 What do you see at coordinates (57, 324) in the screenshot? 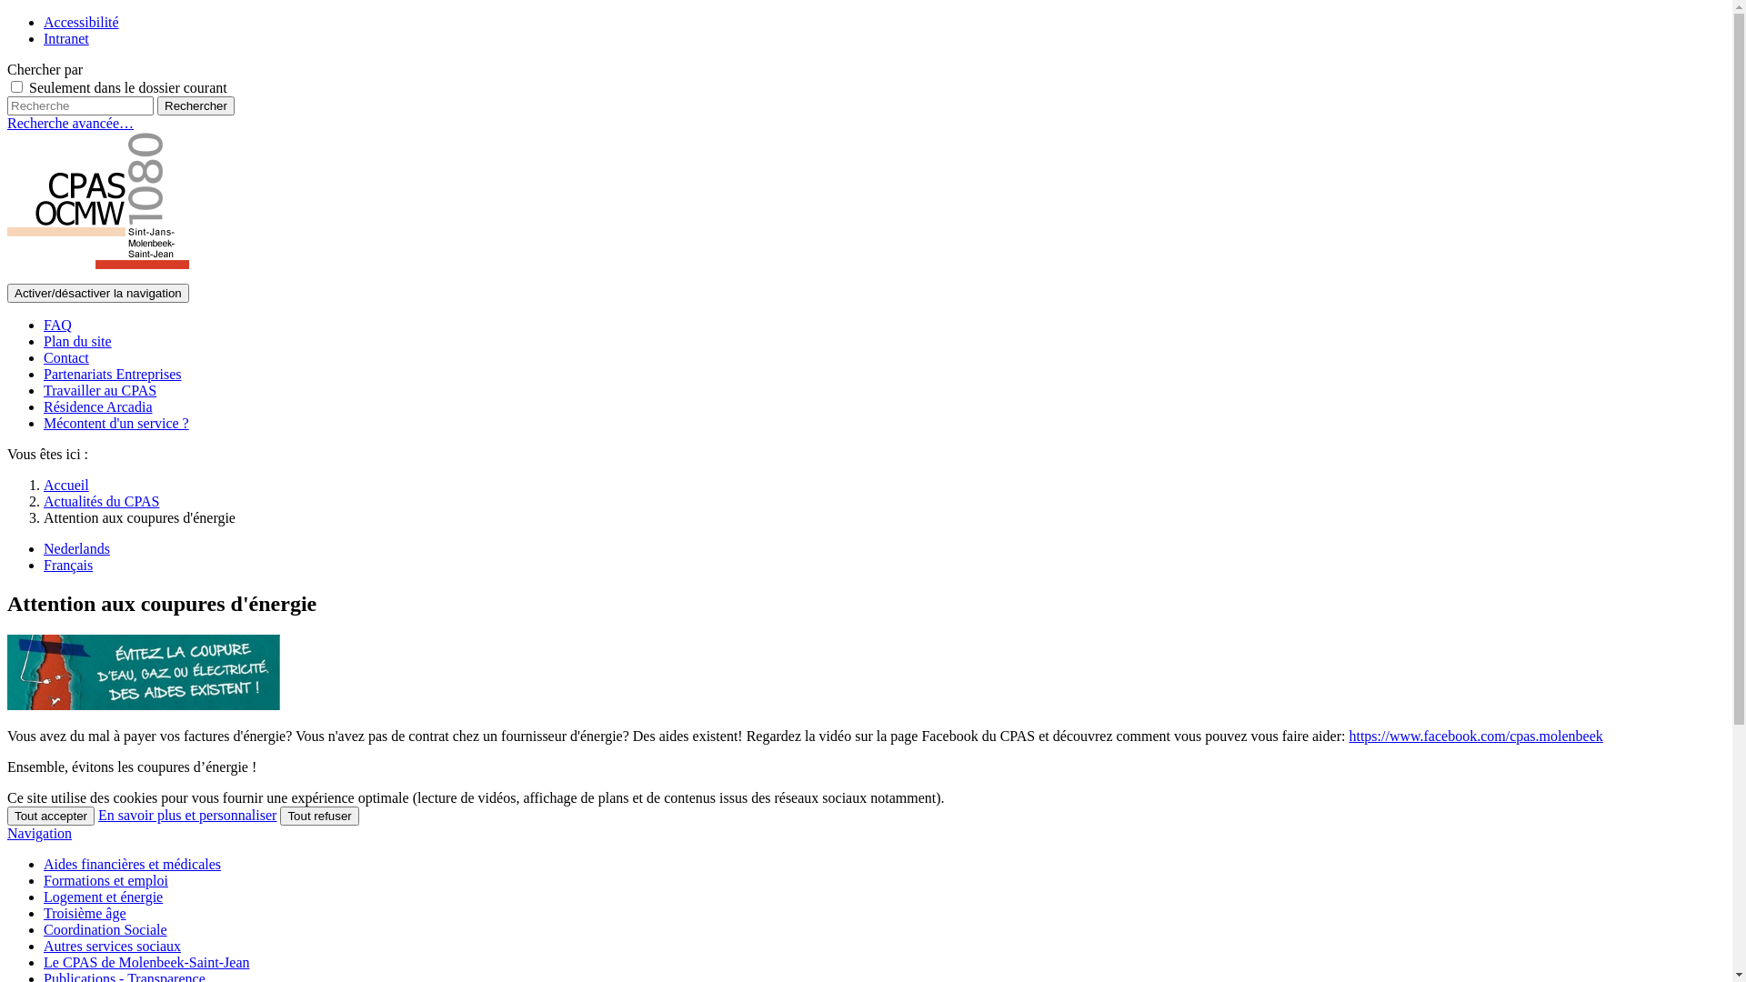
I see `'FAQ'` at bounding box center [57, 324].